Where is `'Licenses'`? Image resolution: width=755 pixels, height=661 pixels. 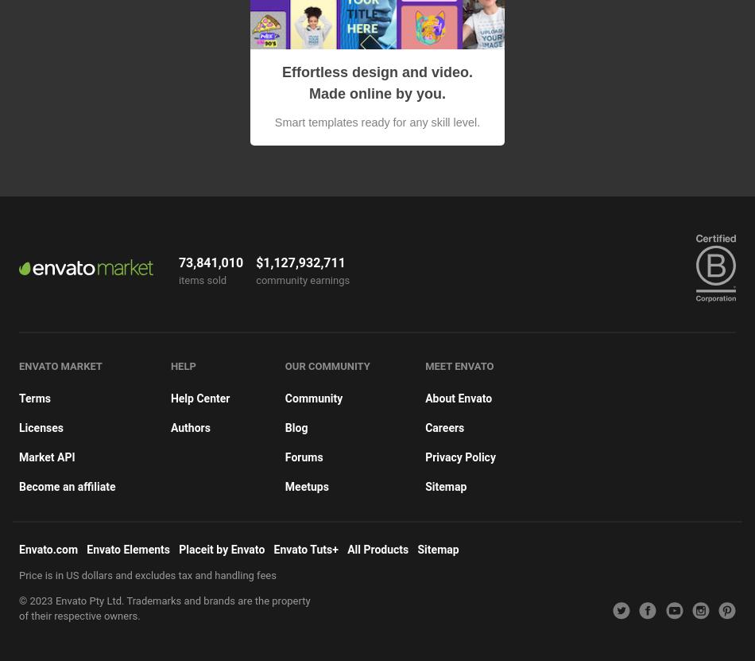 'Licenses' is located at coordinates (41, 426).